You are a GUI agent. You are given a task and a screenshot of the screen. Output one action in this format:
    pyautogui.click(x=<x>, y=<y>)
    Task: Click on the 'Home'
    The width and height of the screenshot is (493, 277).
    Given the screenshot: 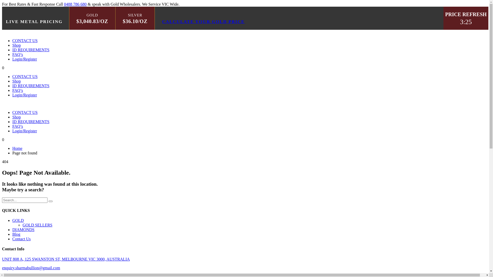 What is the action you would take?
    pyautogui.click(x=17, y=148)
    